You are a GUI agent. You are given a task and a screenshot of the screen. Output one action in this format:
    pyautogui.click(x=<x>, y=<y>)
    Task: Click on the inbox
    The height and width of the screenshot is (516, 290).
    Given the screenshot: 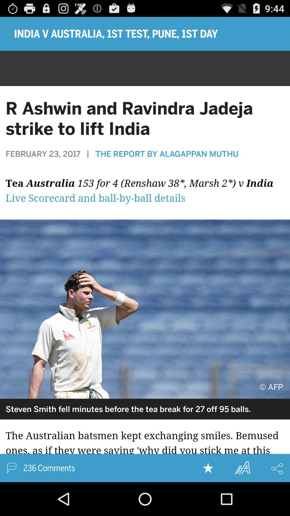 What is the action you would take?
    pyautogui.click(x=12, y=468)
    